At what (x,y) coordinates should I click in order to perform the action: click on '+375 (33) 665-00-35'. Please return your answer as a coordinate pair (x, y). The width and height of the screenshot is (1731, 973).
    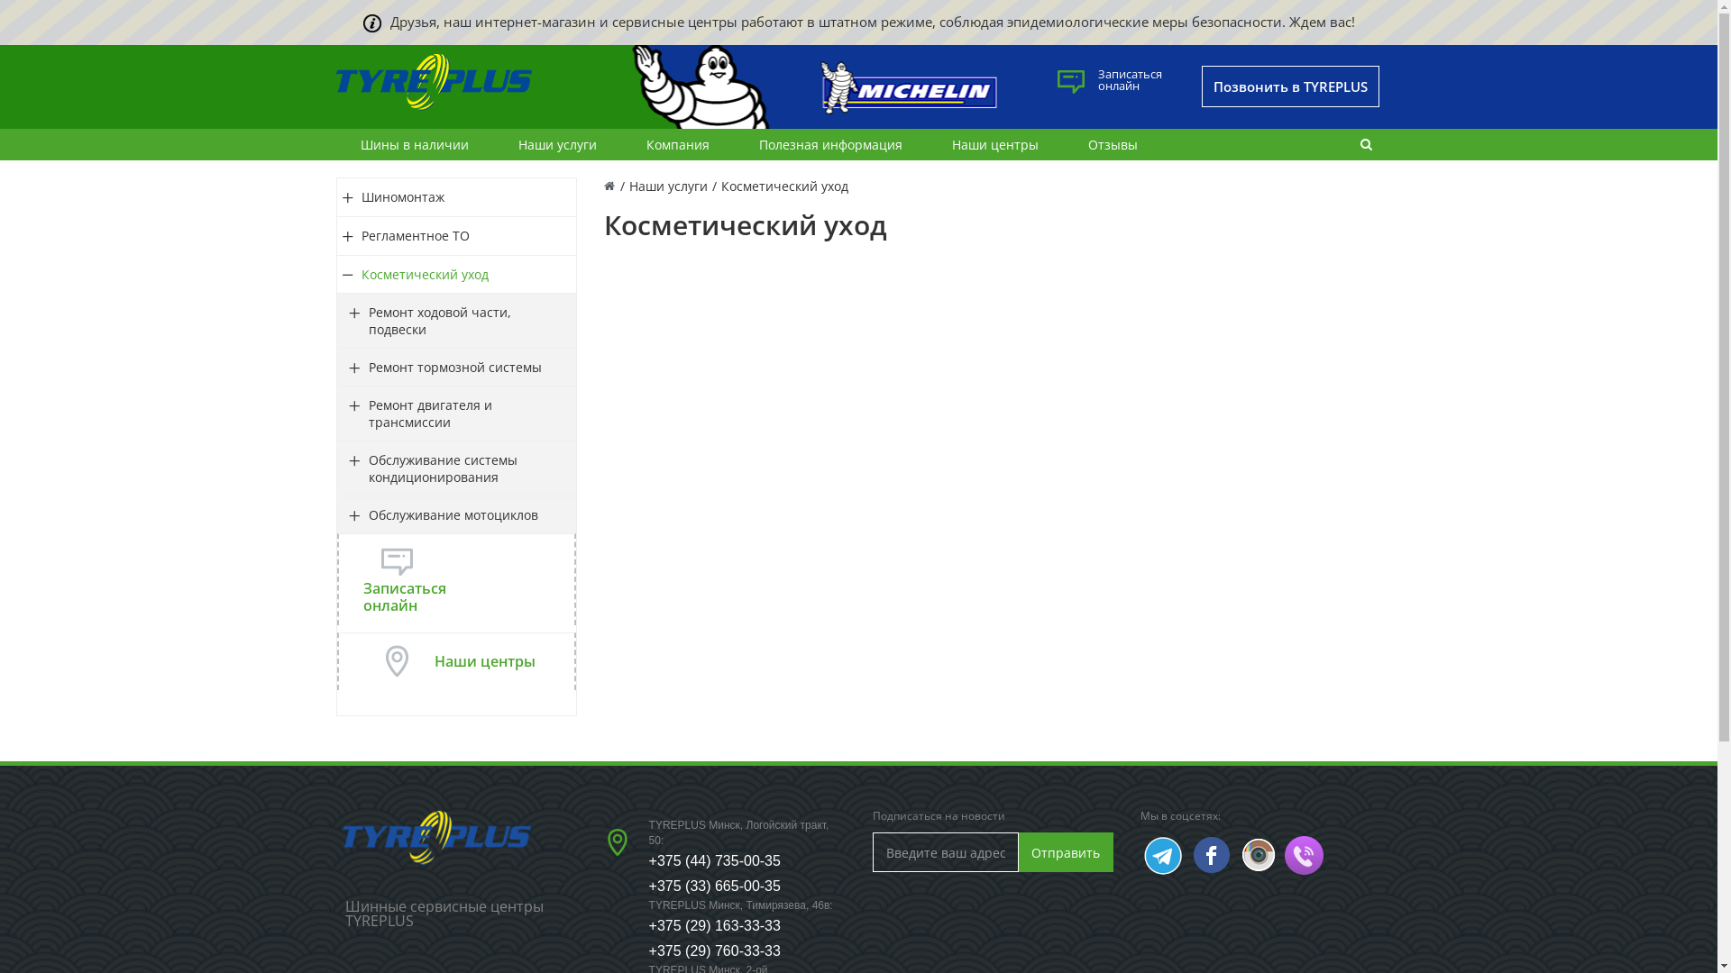
    Looking at the image, I should click on (713, 885).